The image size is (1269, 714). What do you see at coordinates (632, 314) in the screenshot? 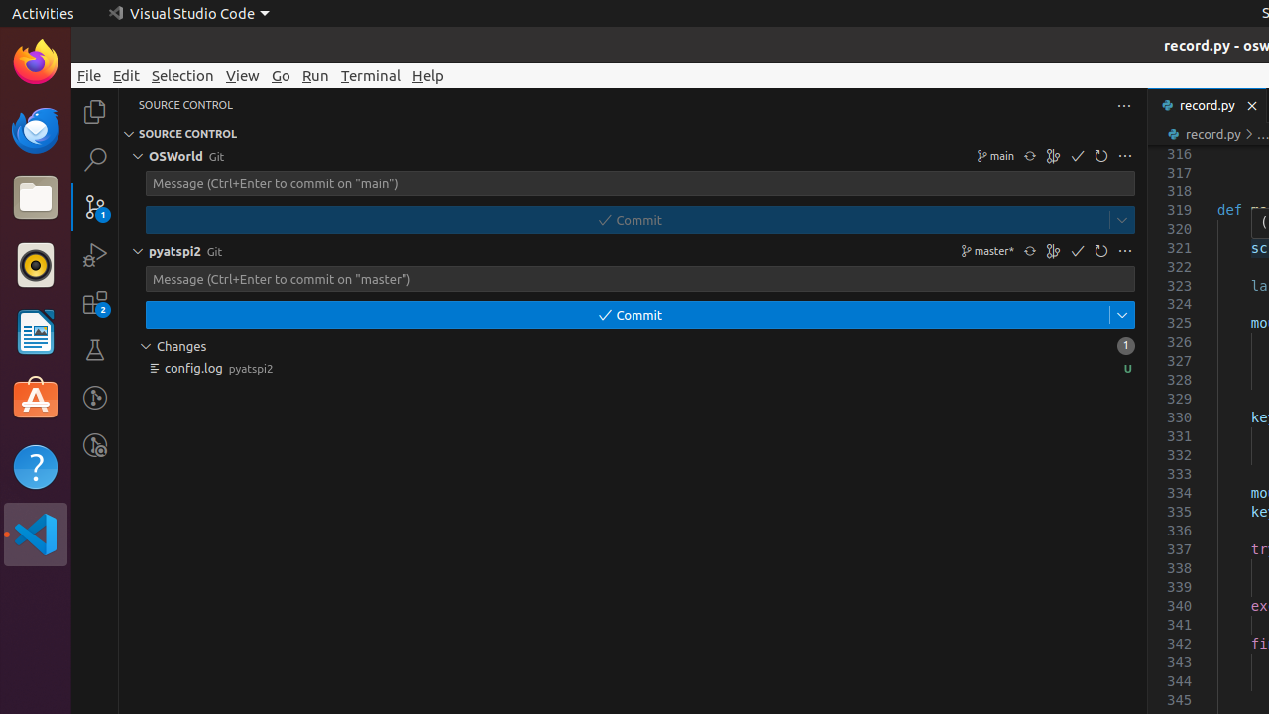
I see `'$(check) Commit'` at bounding box center [632, 314].